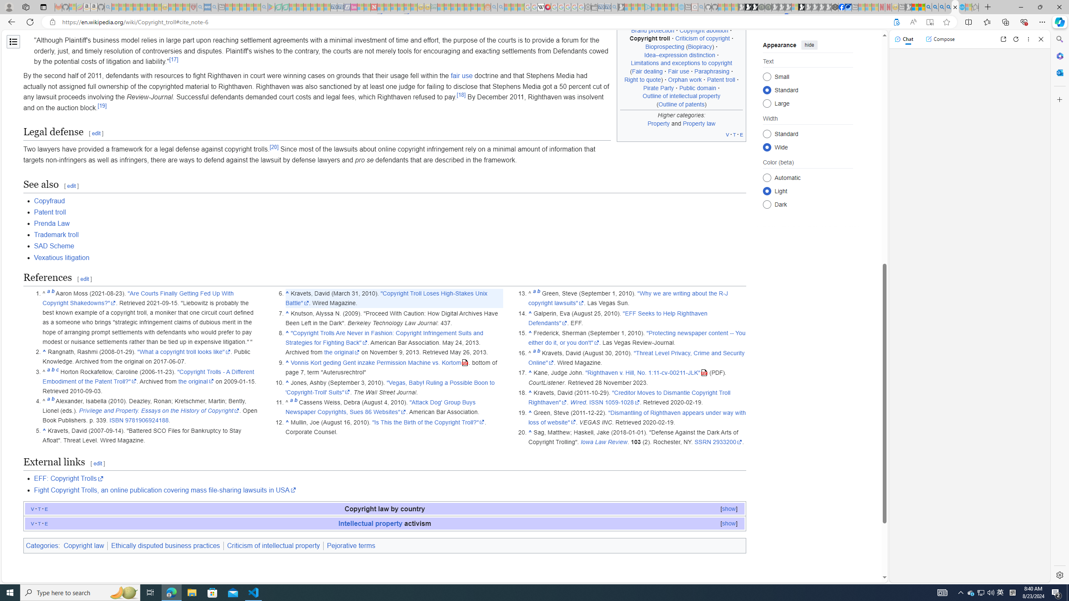  What do you see at coordinates (350, 545) in the screenshot?
I see `'Pejorative terms'` at bounding box center [350, 545].